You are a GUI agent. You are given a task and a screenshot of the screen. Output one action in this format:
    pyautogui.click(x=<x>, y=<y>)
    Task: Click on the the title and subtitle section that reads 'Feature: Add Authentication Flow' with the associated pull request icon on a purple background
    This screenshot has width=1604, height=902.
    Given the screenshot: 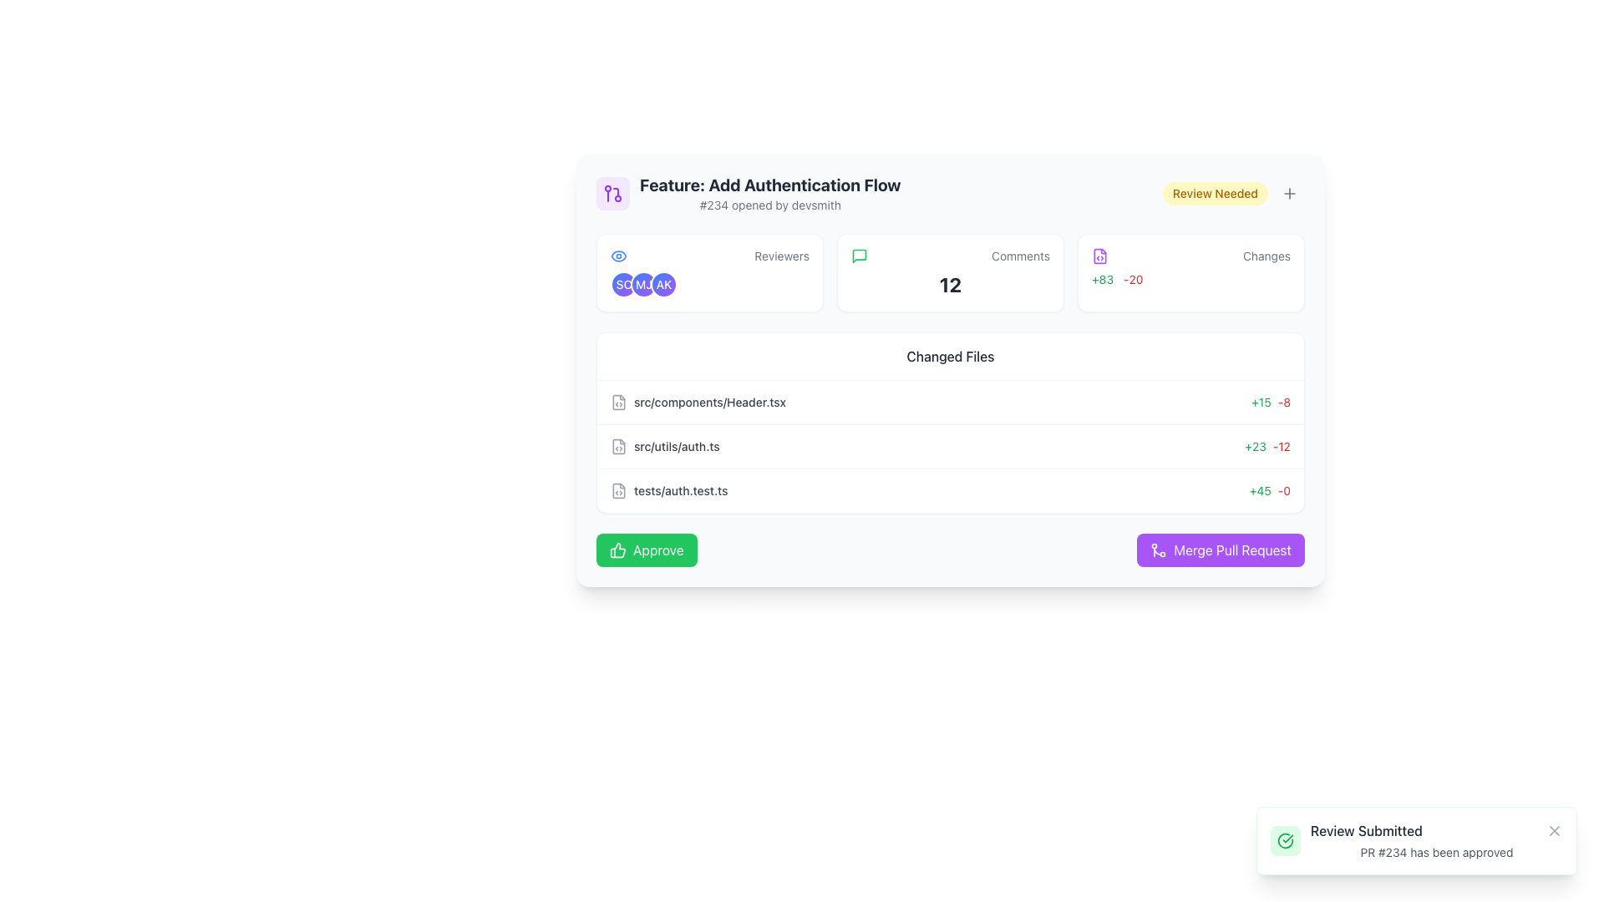 What is the action you would take?
    pyautogui.click(x=748, y=192)
    